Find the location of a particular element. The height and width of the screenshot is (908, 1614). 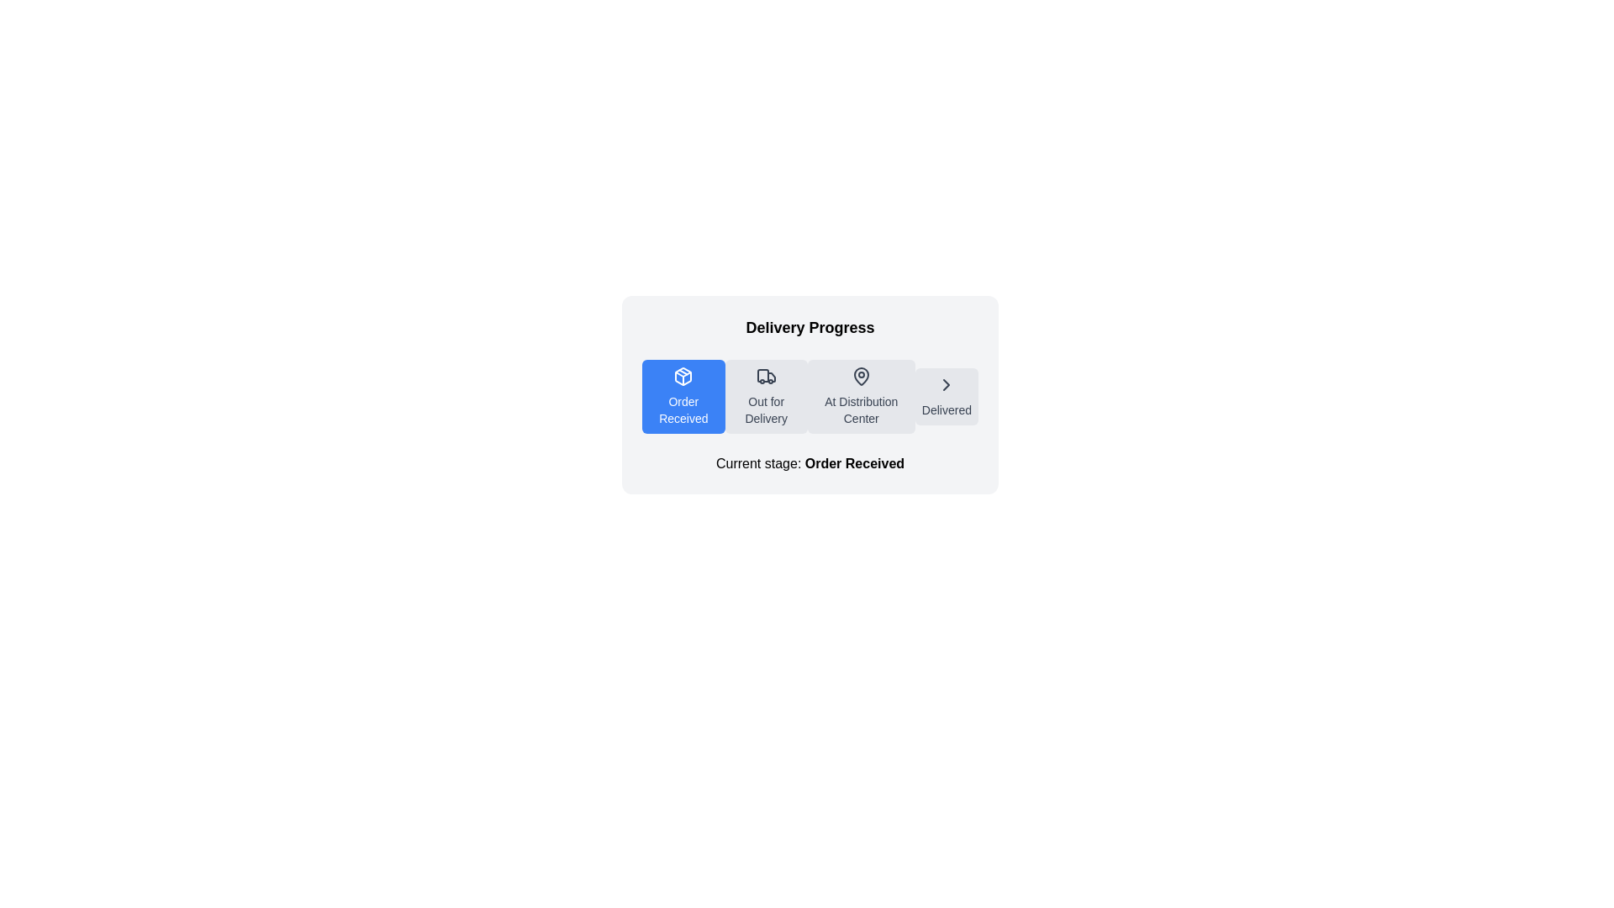

the button-like component labeled 'Out for Delivery', featuring a truck icon, which is the second element in a horizontal row of delivery progress indicators is located at coordinates (765, 396).